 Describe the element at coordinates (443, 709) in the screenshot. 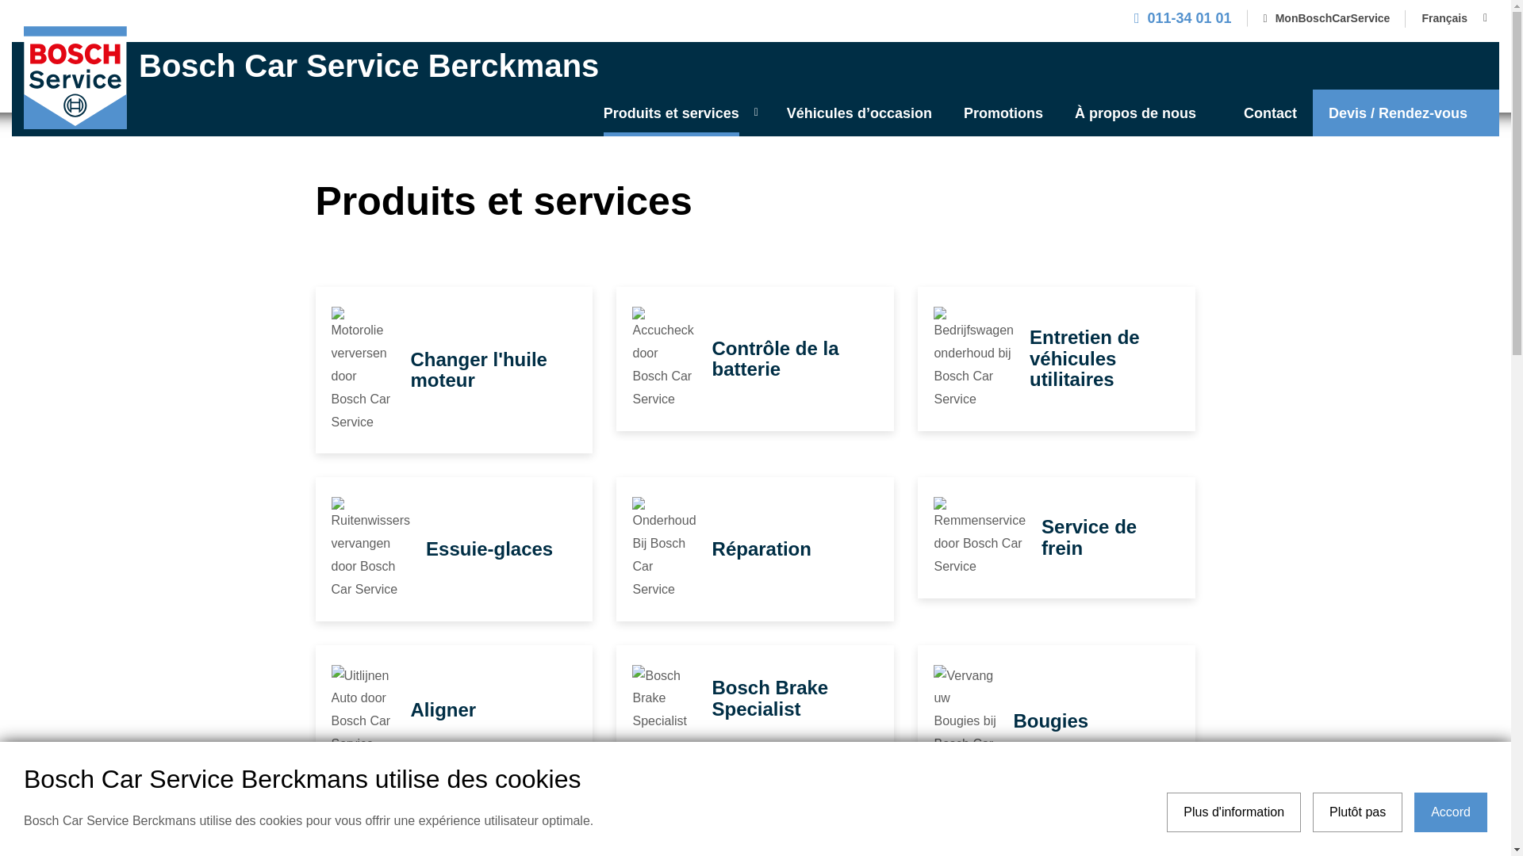

I see `'Aligner'` at that location.